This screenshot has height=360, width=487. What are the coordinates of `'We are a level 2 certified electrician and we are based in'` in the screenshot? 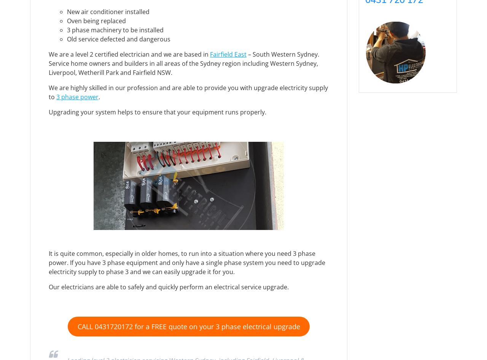 It's located at (129, 53).